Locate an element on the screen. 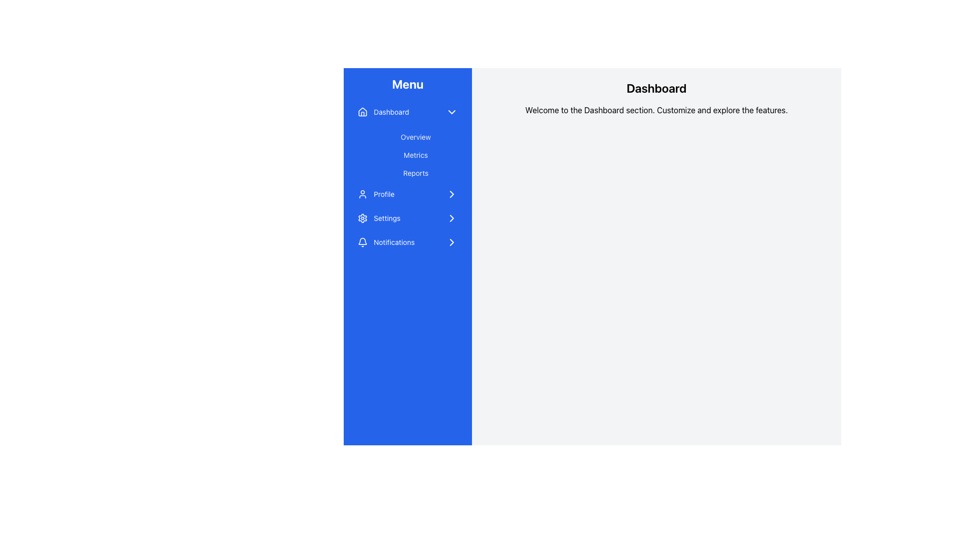 This screenshot has width=962, height=541. the 'Metrics' button located in the vertical navigation menu on the left side of the interface, positioned between 'Overview' and 'Reports' is located at coordinates (416, 155).